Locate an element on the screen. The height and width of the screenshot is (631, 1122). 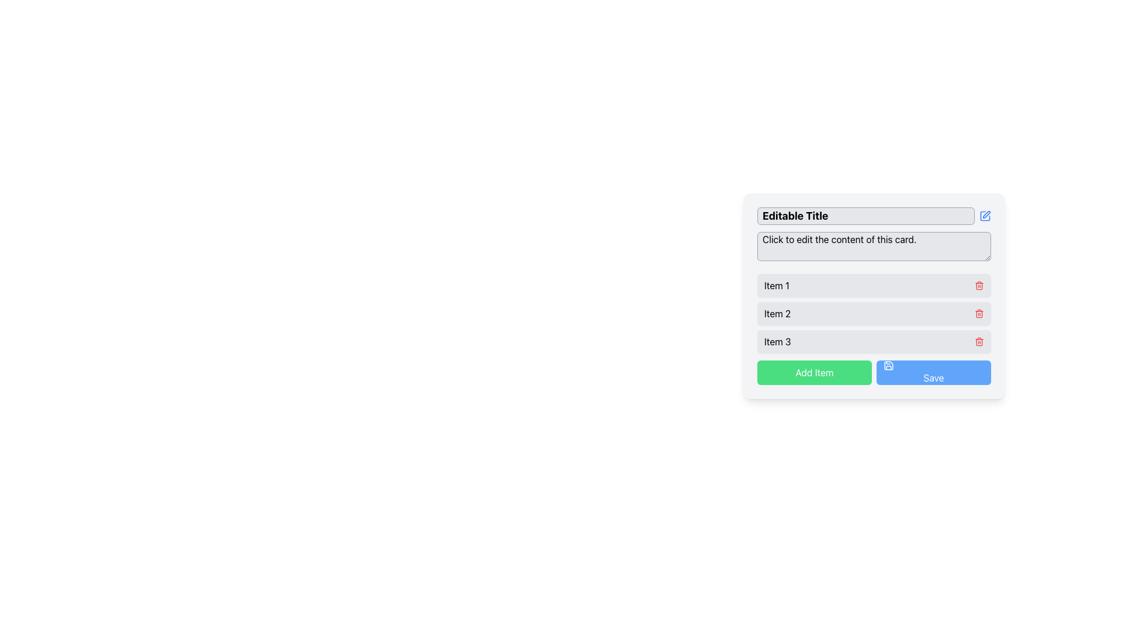
the 'Editable Title' text field for keyboard input by clicking on it is located at coordinates (874, 216).